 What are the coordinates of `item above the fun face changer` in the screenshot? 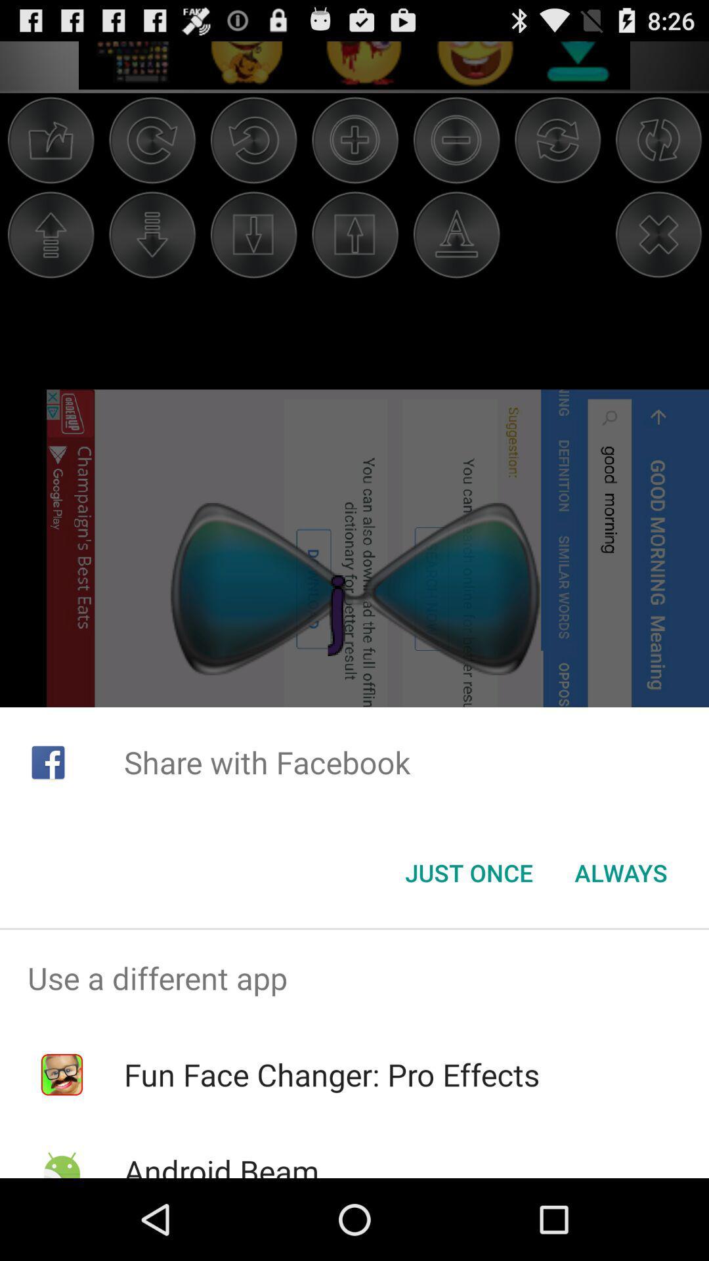 It's located at (354, 978).